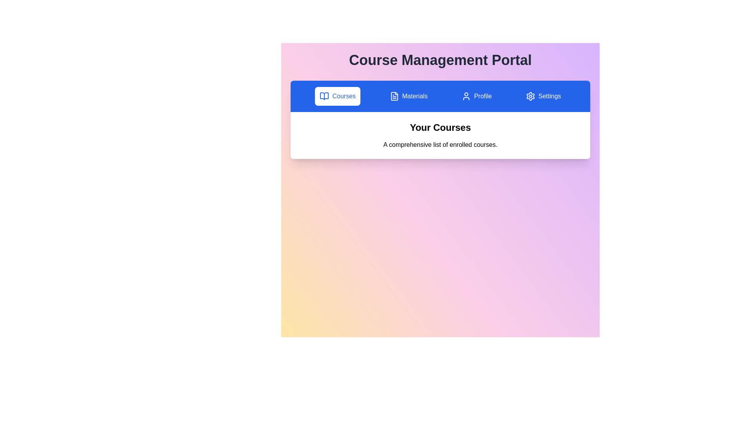 The width and height of the screenshot is (753, 423). I want to click on the 'Profile' button on the navigation bar, which is the third button from the left and has a user silhouette icon, so click(476, 96).